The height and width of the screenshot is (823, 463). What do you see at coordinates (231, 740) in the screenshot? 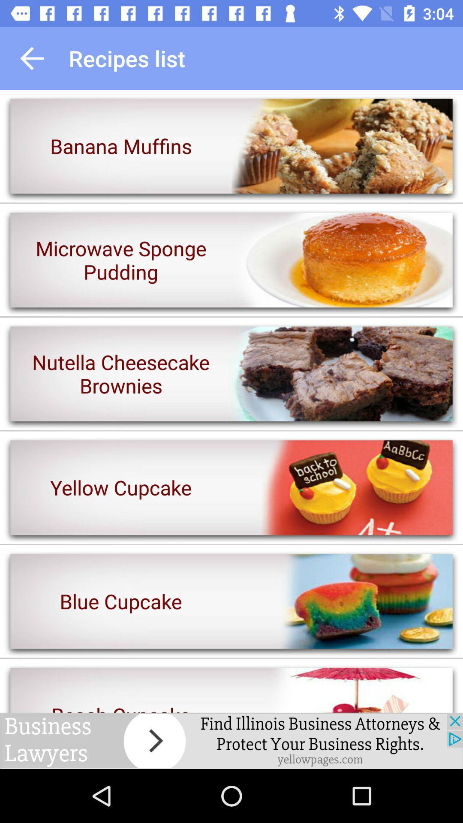
I see `advertisement image` at bounding box center [231, 740].